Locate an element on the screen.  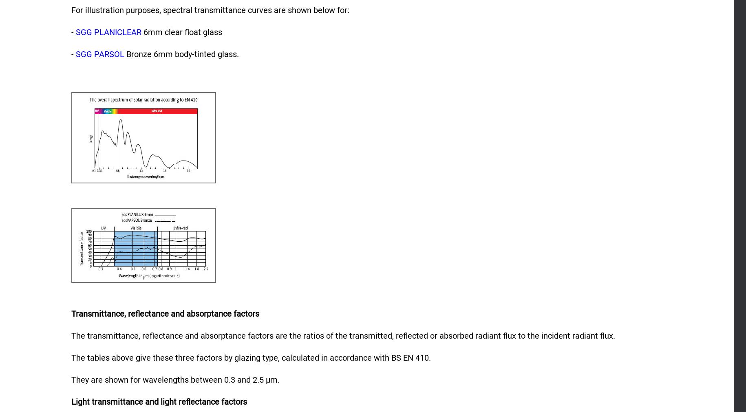
'SGG PARSOL' is located at coordinates (99, 53).